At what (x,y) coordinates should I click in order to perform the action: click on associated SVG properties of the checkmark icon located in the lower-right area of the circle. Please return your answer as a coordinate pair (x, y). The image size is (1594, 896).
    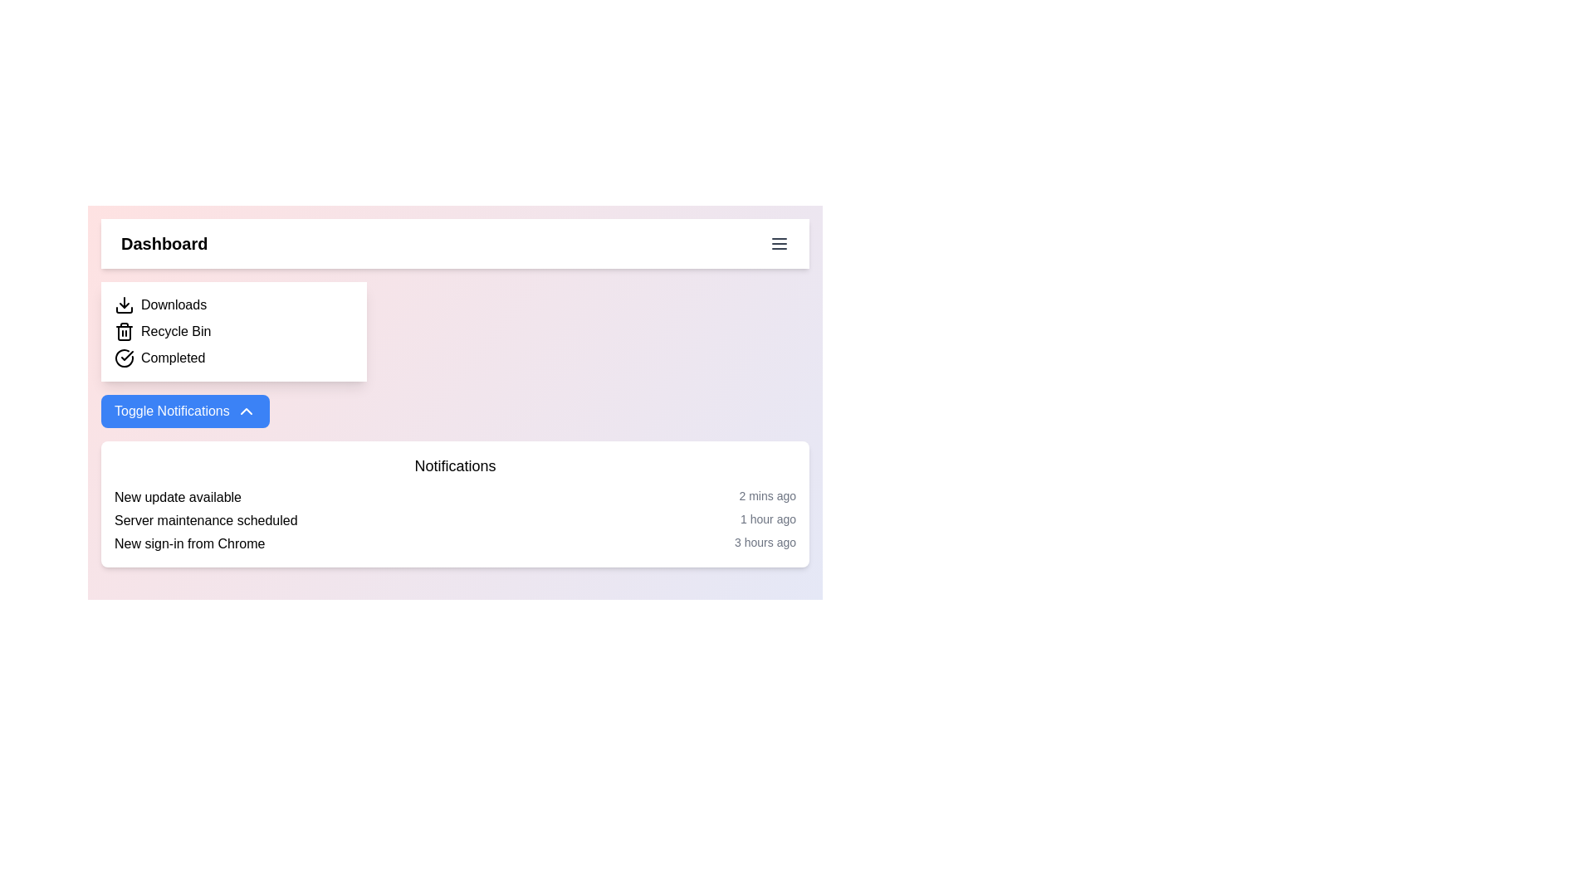
    Looking at the image, I should click on (126, 354).